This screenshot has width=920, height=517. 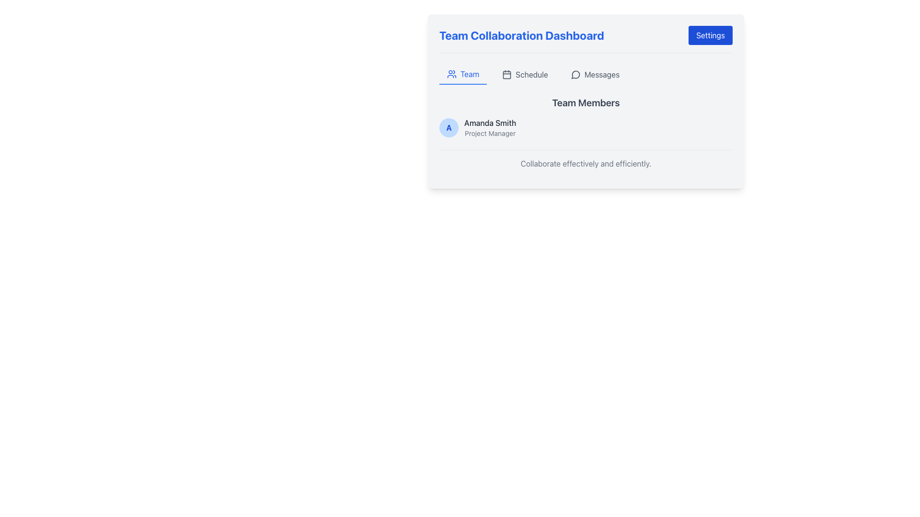 What do you see at coordinates (531, 74) in the screenshot?
I see `the 'Schedule' text label, which serves as a navigation link to the scheduling section of the interface` at bounding box center [531, 74].